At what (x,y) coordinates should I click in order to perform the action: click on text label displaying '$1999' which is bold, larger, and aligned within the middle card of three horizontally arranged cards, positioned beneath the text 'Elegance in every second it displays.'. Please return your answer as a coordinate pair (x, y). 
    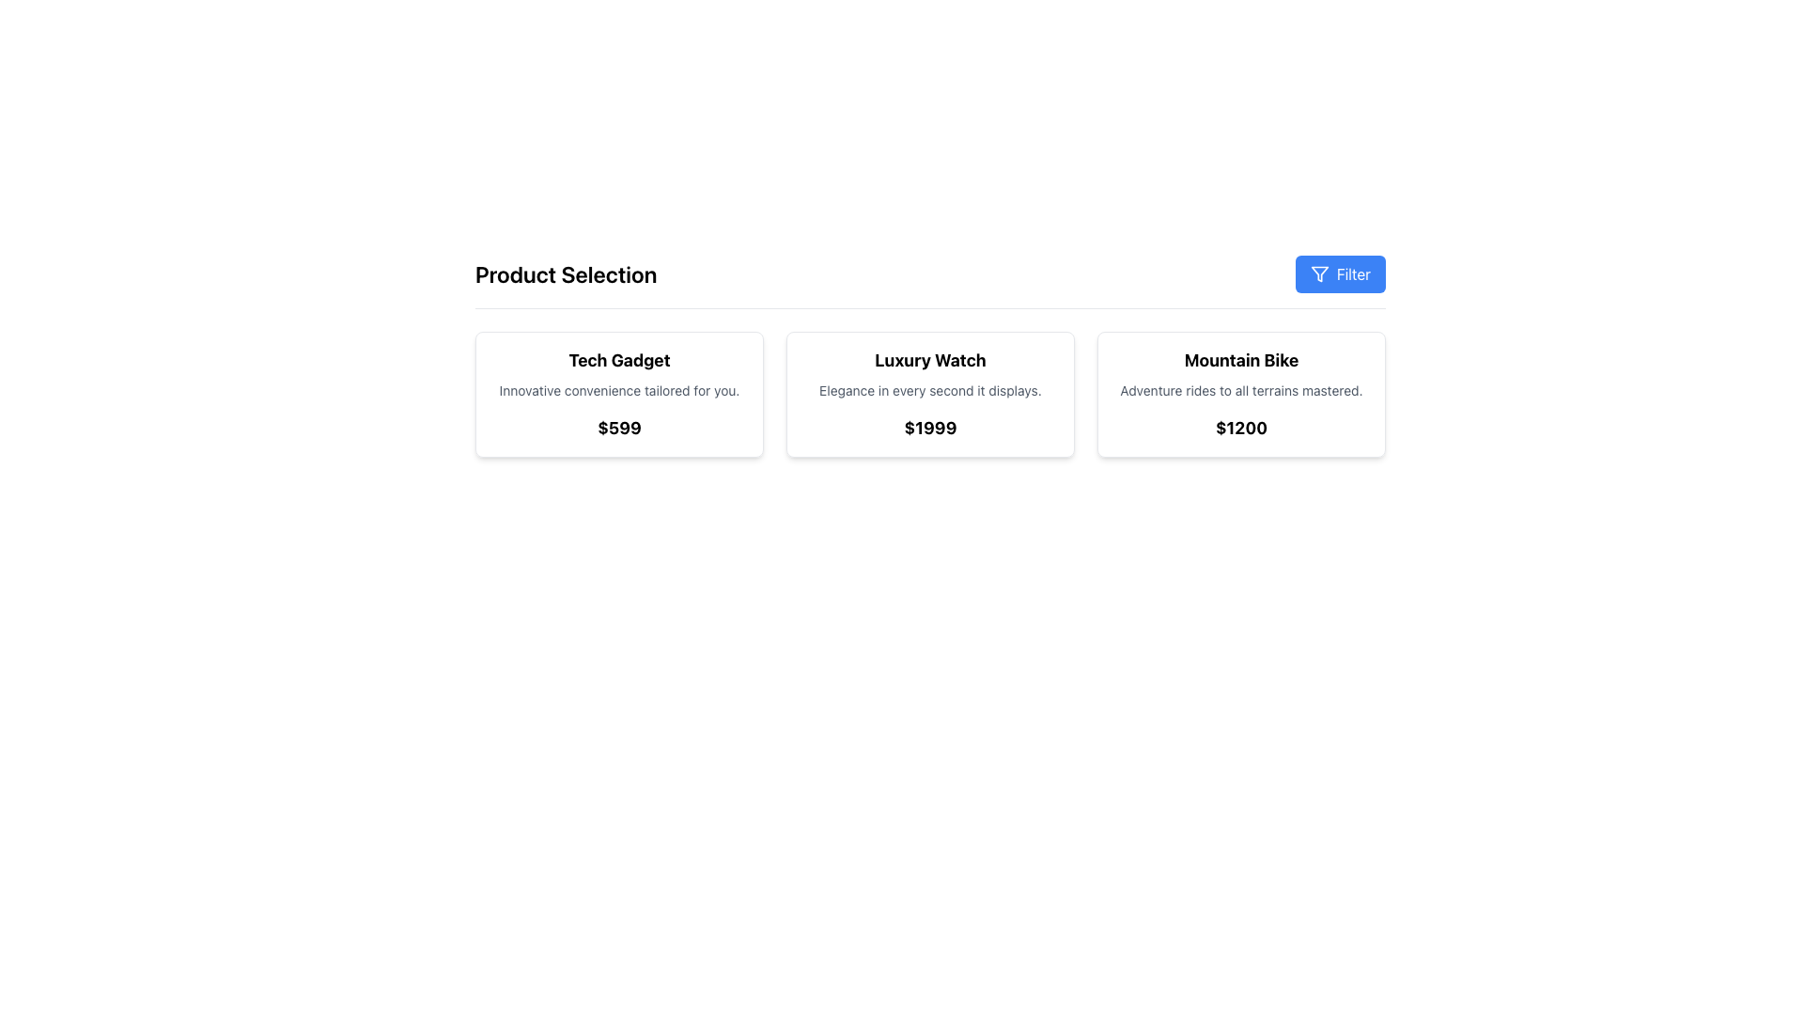
    Looking at the image, I should click on (930, 428).